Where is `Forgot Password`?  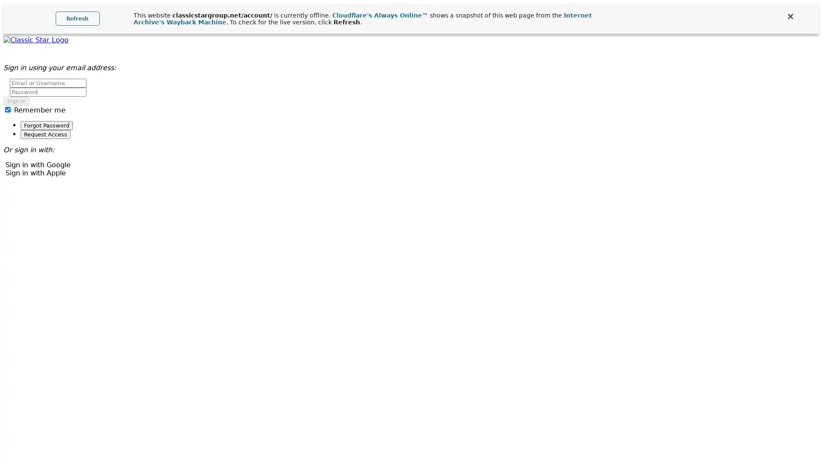
Forgot Password is located at coordinates (46, 125).